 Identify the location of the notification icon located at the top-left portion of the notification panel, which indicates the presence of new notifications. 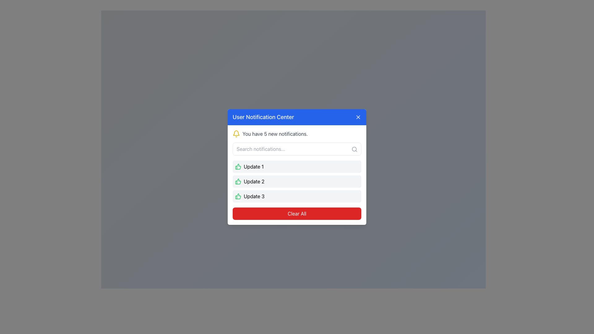
(236, 133).